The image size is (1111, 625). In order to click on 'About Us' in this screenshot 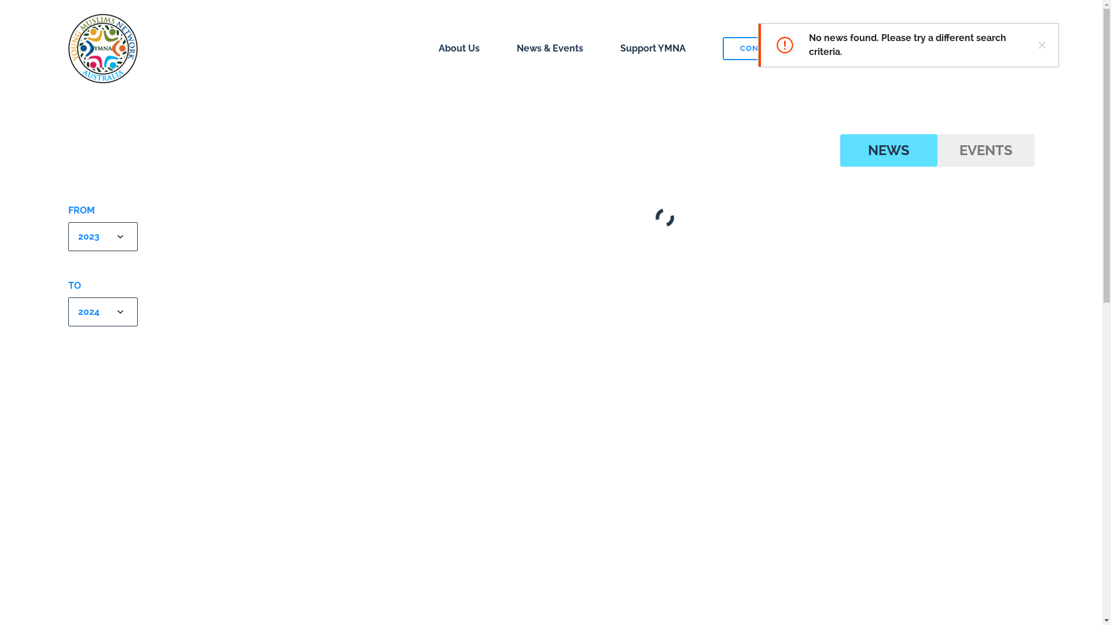, I will do `click(458, 47)`.